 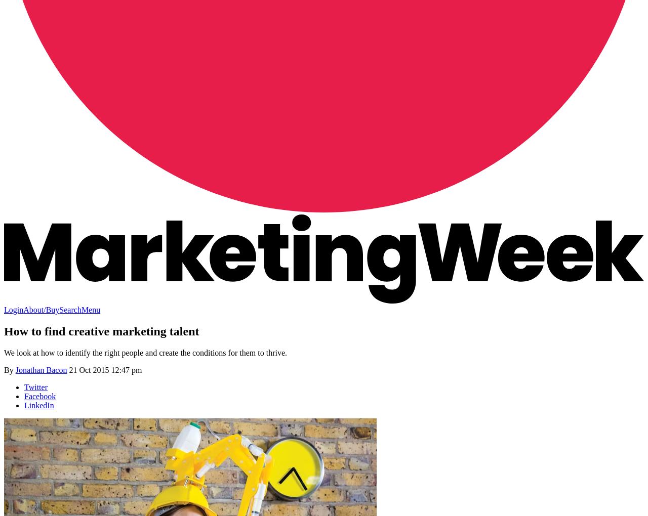 What do you see at coordinates (35, 386) in the screenshot?
I see `'Twitter'` at bounding box center [35, 386].